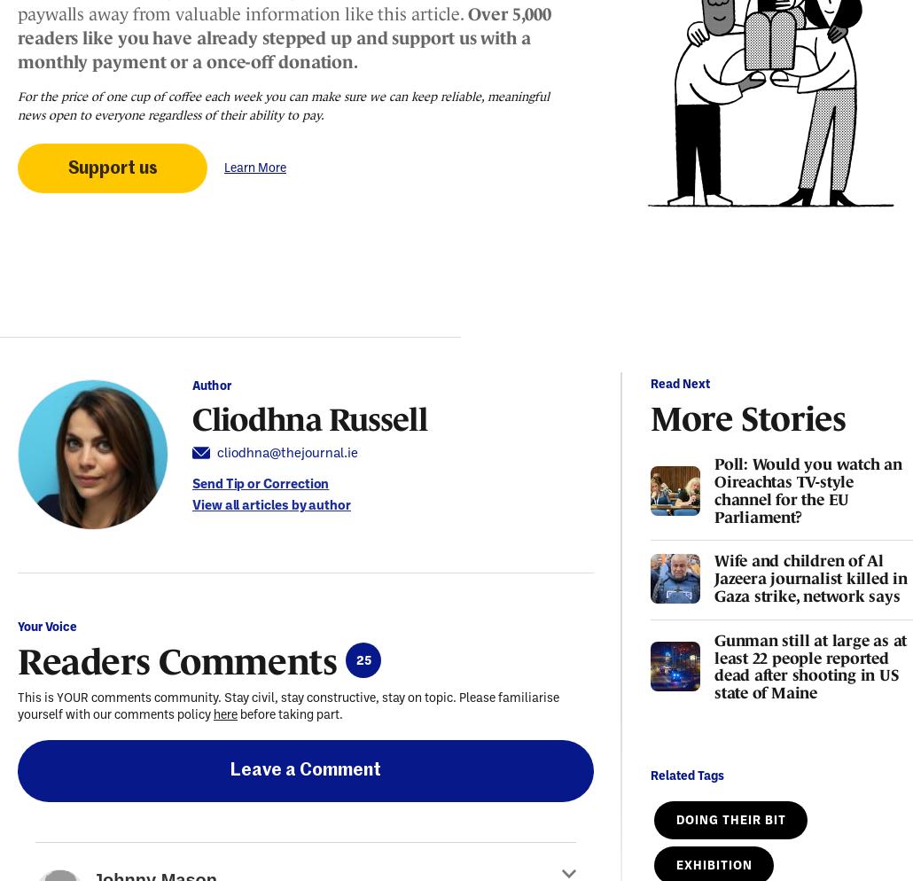 This screenshot has width=913, height=881. I want to click on 'More Stories', so click(746, 415).